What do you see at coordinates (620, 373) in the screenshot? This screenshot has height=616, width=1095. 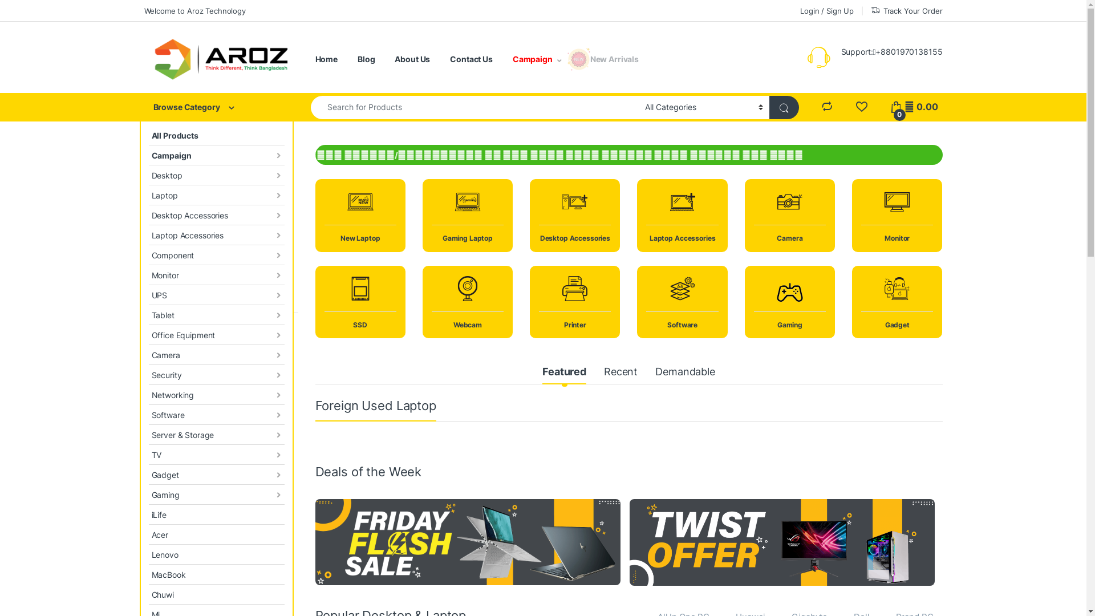 I see `'Recent'` at bounding box center [620, 373].